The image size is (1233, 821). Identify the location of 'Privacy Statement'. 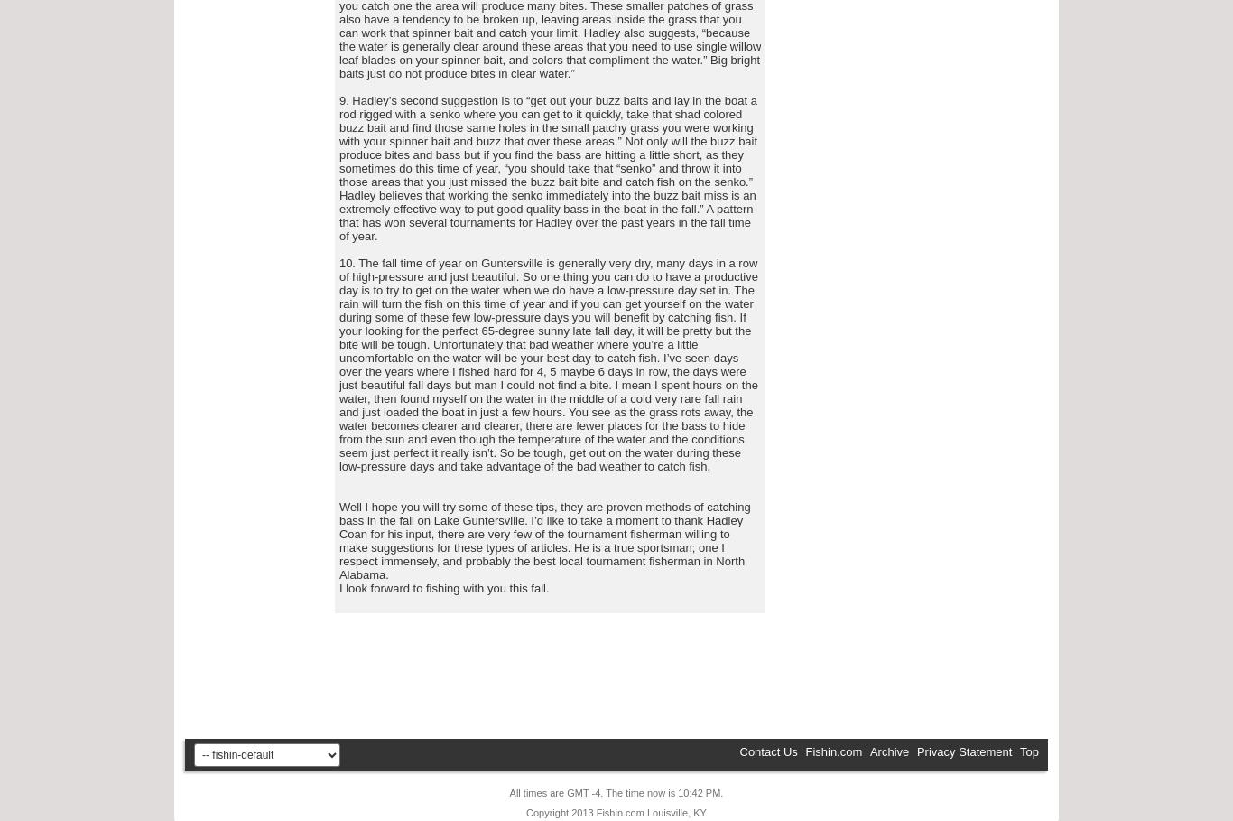
(915, 751).